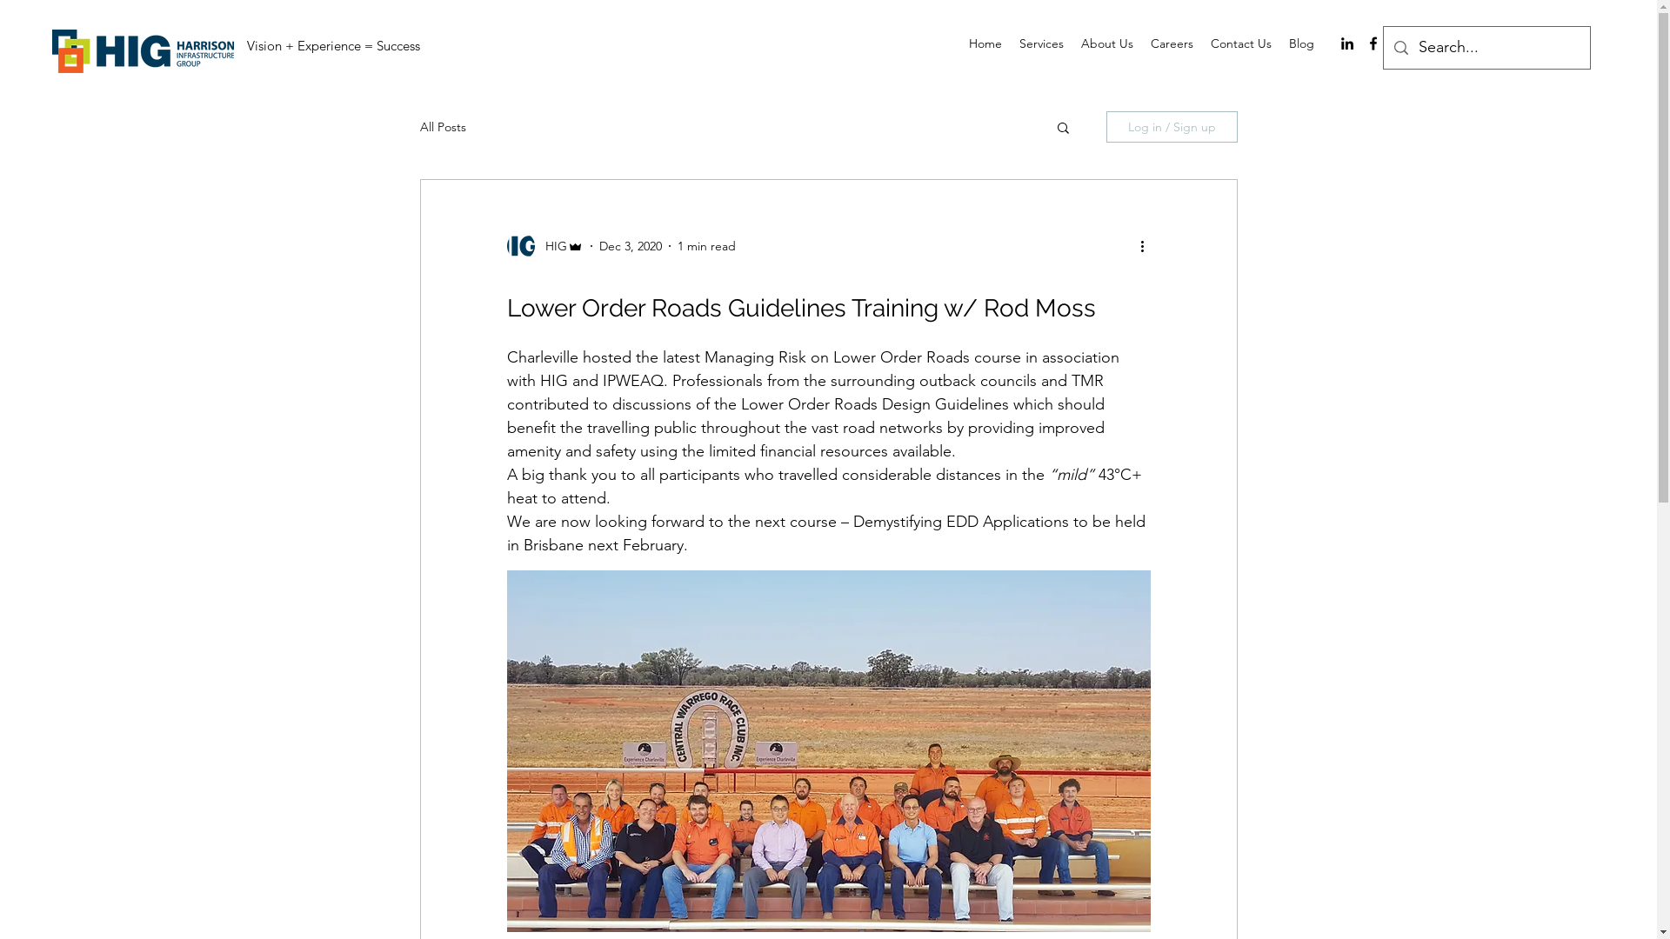 The image size is (1670, 939). I want to click on 'Services', so click(1041, 43).